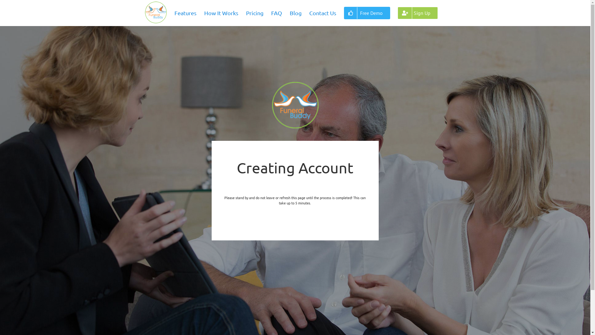 The image size is (595, 335). I want to click on 'How It Works', so click(221, 13).